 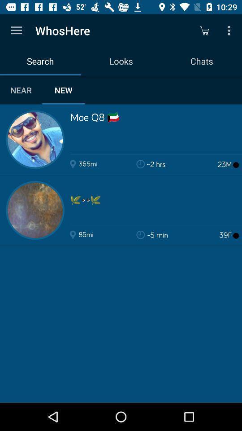 I want to click on the app above chats item, so click(x=204, y=31).